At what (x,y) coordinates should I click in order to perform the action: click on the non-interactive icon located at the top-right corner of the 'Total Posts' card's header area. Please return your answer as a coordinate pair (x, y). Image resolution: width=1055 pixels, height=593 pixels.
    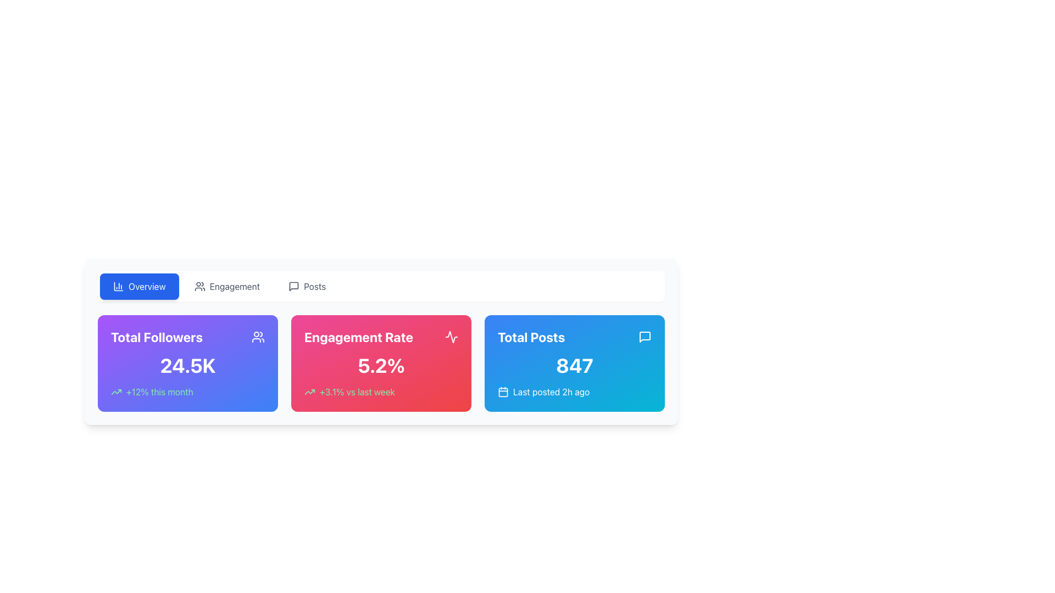
    Looking at the image, I should click on (294, 286).